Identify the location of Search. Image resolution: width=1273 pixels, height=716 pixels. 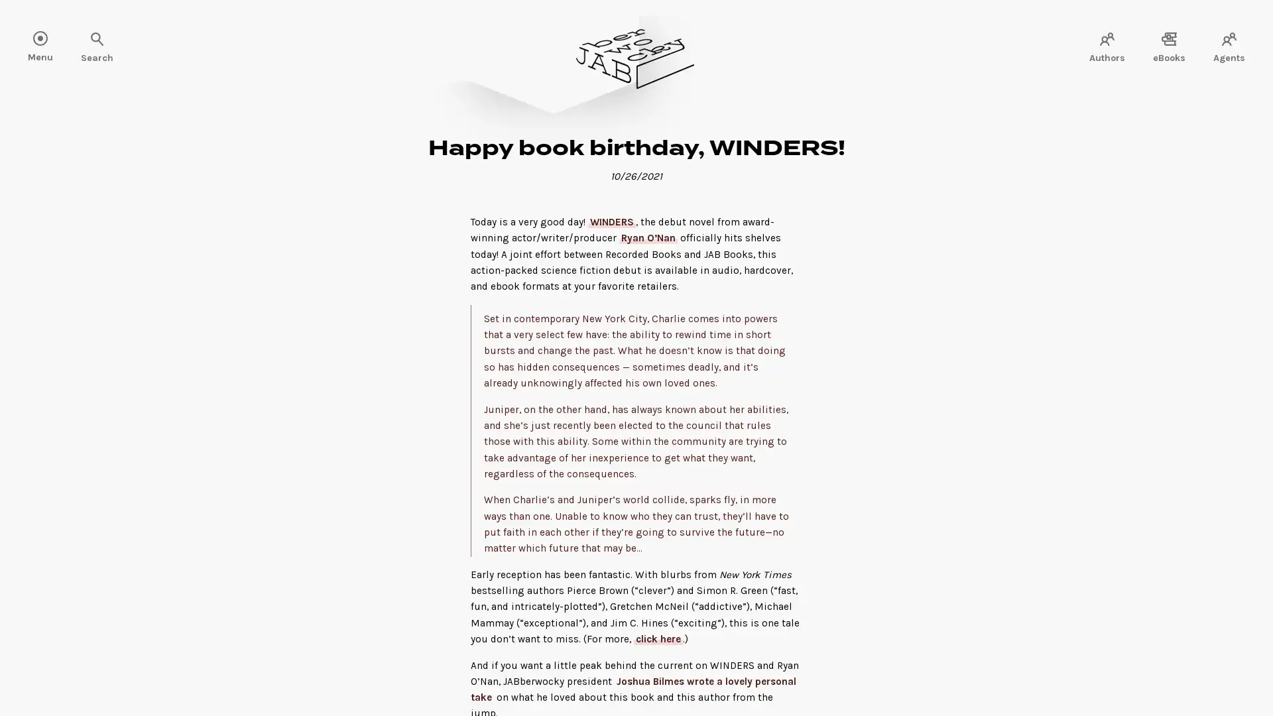
(53, 40).